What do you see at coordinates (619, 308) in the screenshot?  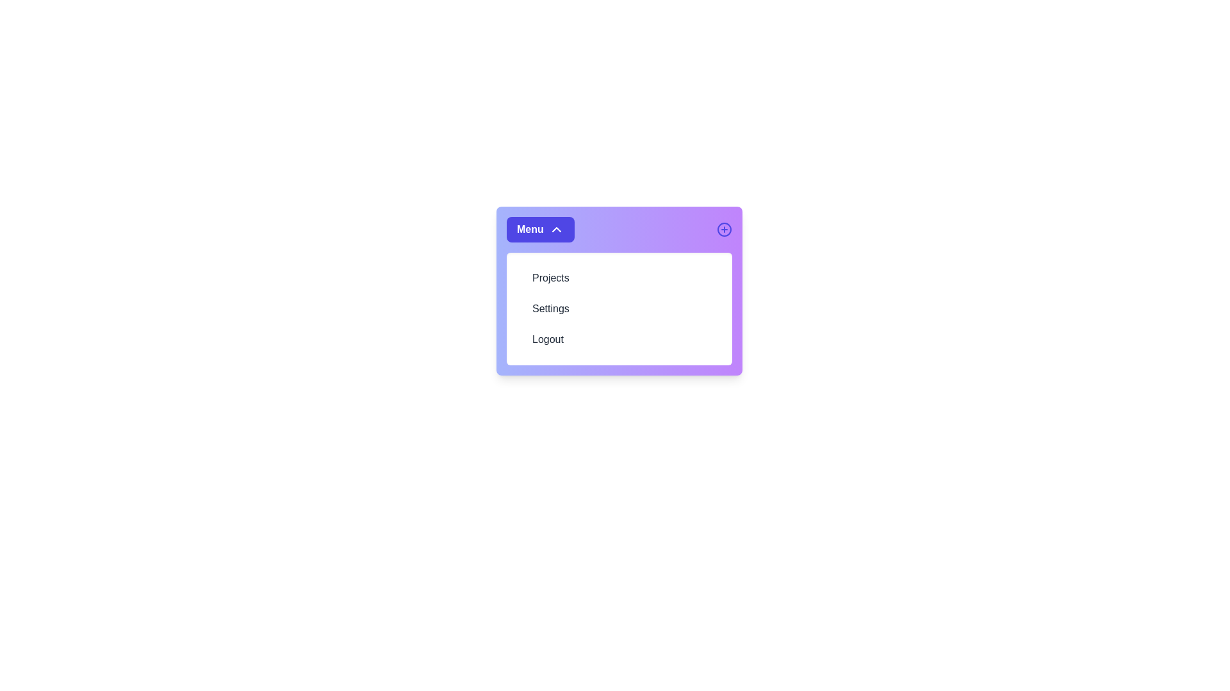 I see `the menu item Settings from the menu` at bounding box center [619, 308].